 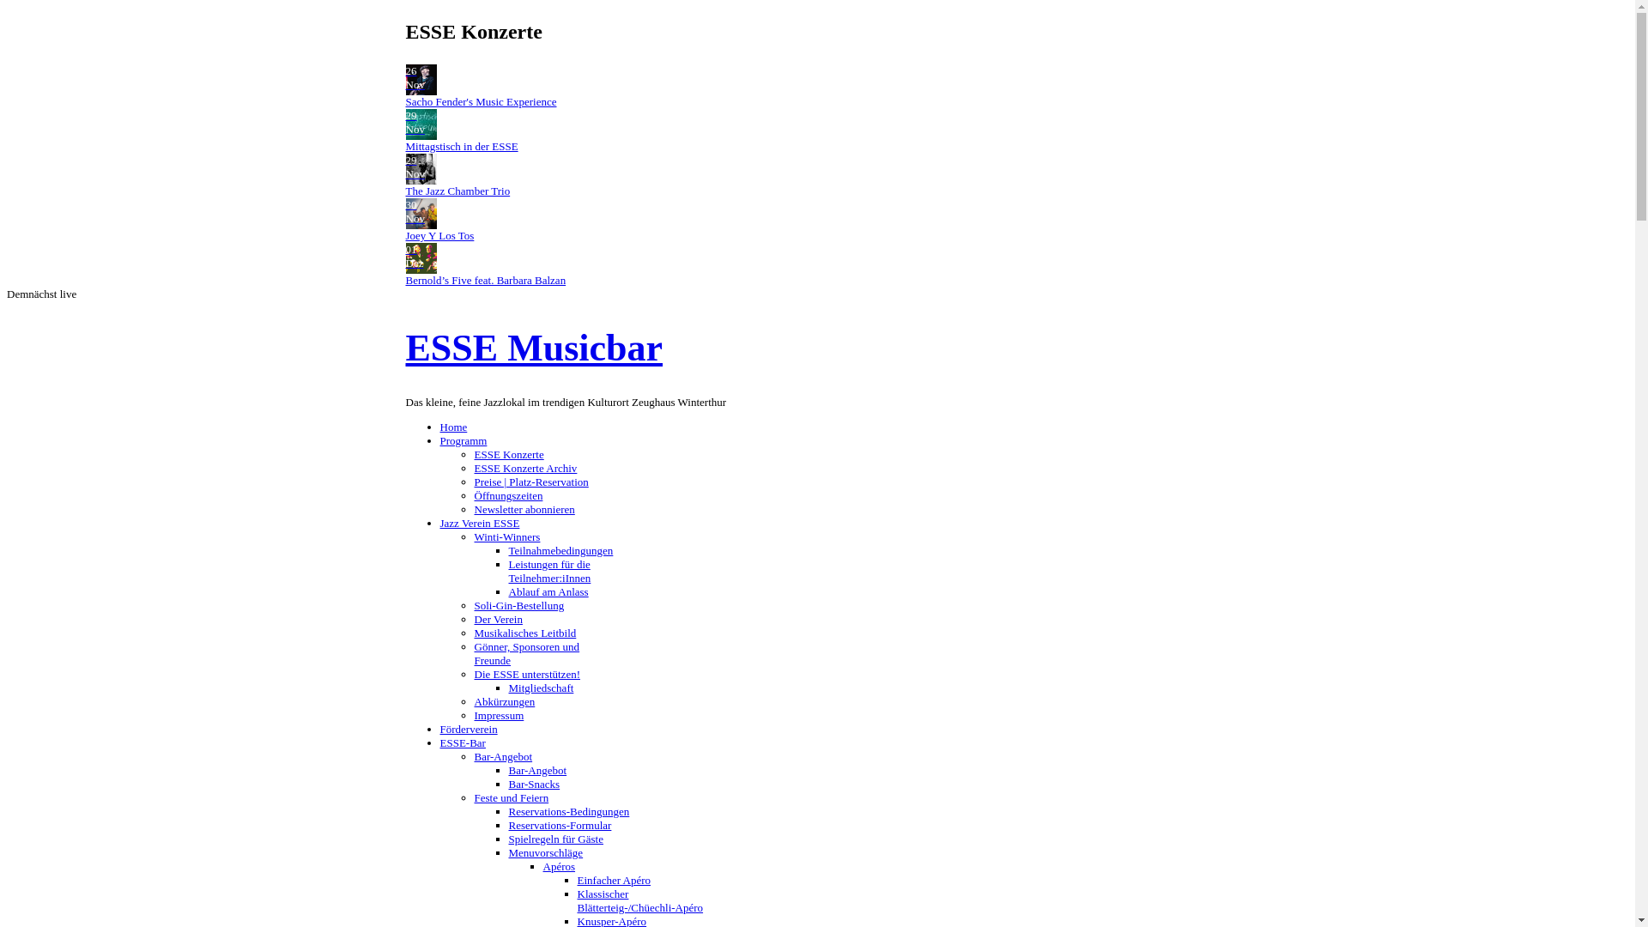 What do you see at coordinates (462, 742) in the screenshot?
I see `'ESSE-Bar'` at bounding box center [462, 742].